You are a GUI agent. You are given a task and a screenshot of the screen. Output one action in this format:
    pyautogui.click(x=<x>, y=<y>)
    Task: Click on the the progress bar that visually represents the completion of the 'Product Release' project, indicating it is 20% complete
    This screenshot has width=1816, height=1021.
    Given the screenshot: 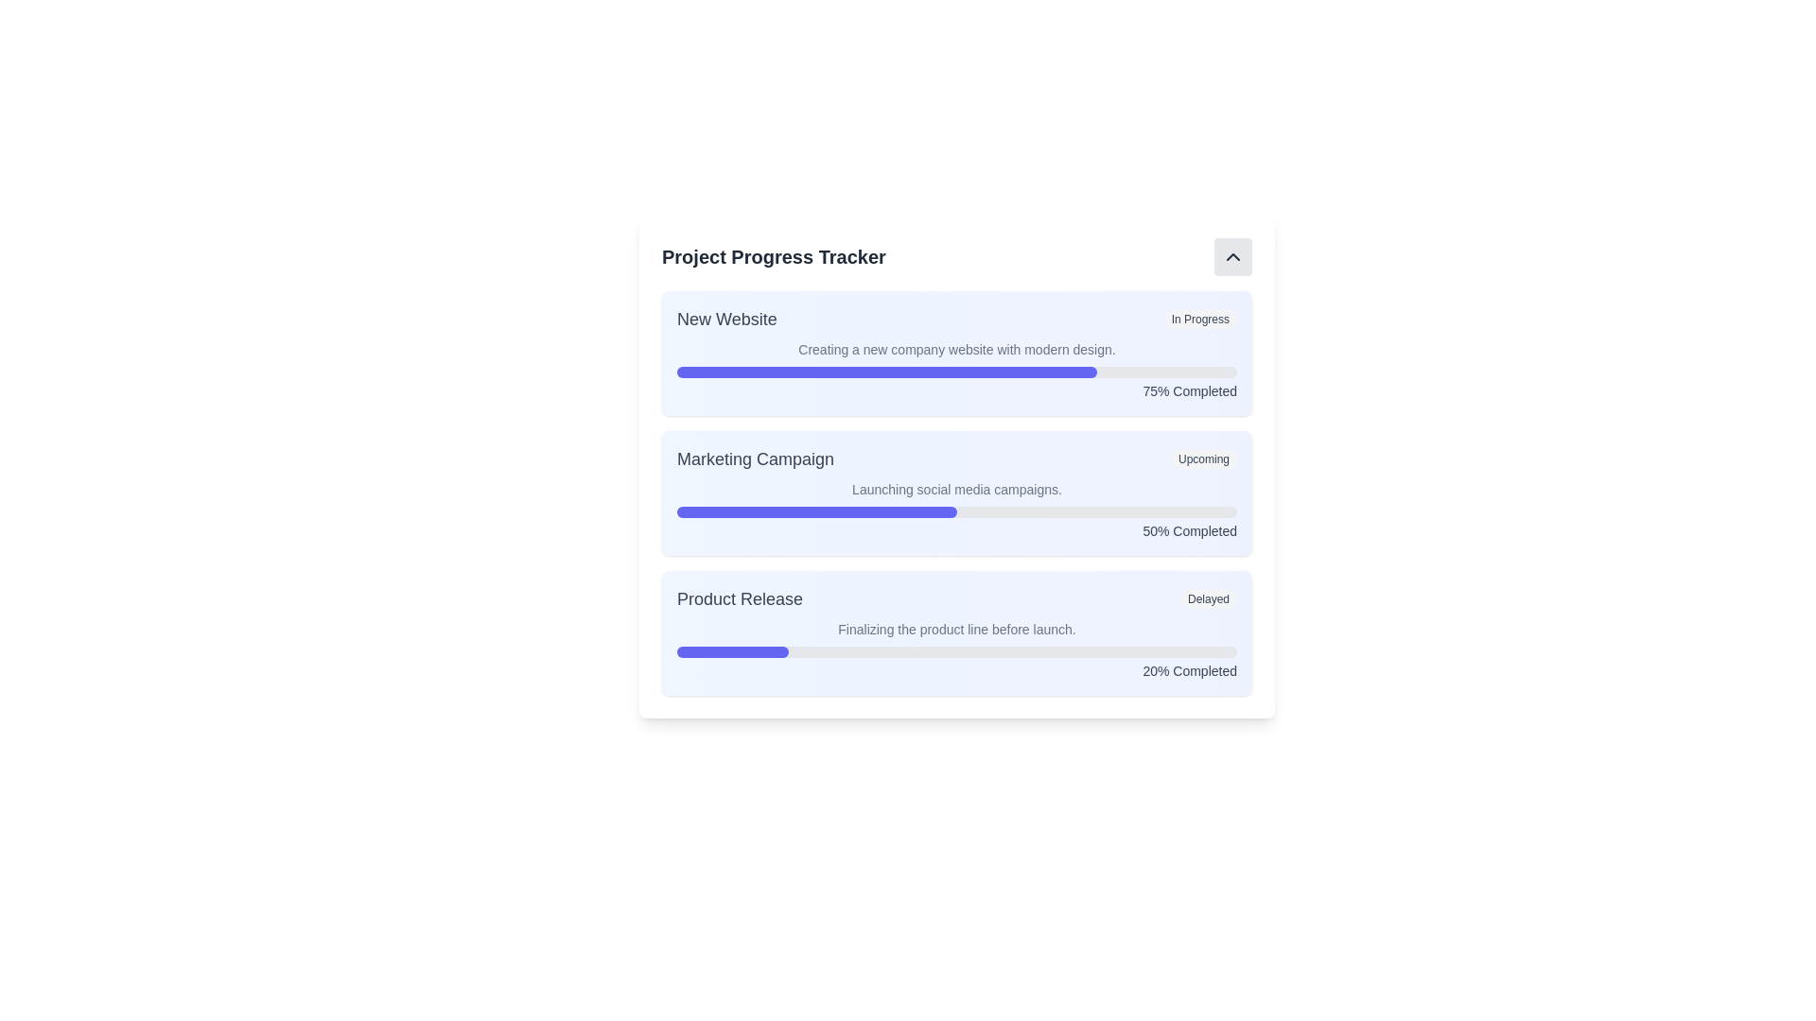 What is the action you would take?
    pyautogui.click(x=957, y=651)
    